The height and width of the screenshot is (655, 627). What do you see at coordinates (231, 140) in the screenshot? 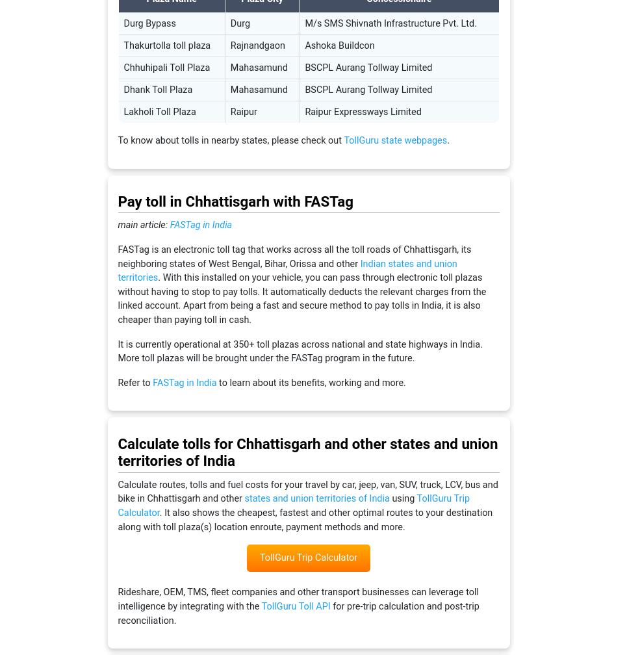
I see `'To know about tolls in nearby states, please check out'` at bounding box center [231, 140].